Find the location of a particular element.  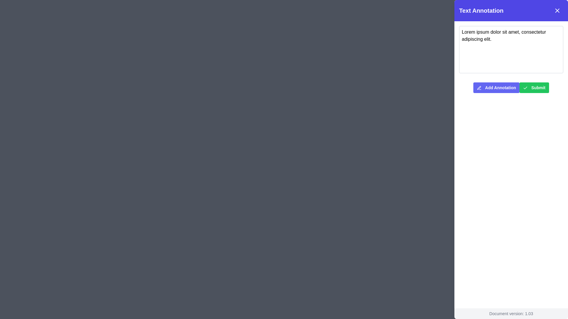

the text in the multiline text input area located near the top of the right panel, above the 'Add Annotation' and 'Submit' buttons is located at coordinates (511, 49).